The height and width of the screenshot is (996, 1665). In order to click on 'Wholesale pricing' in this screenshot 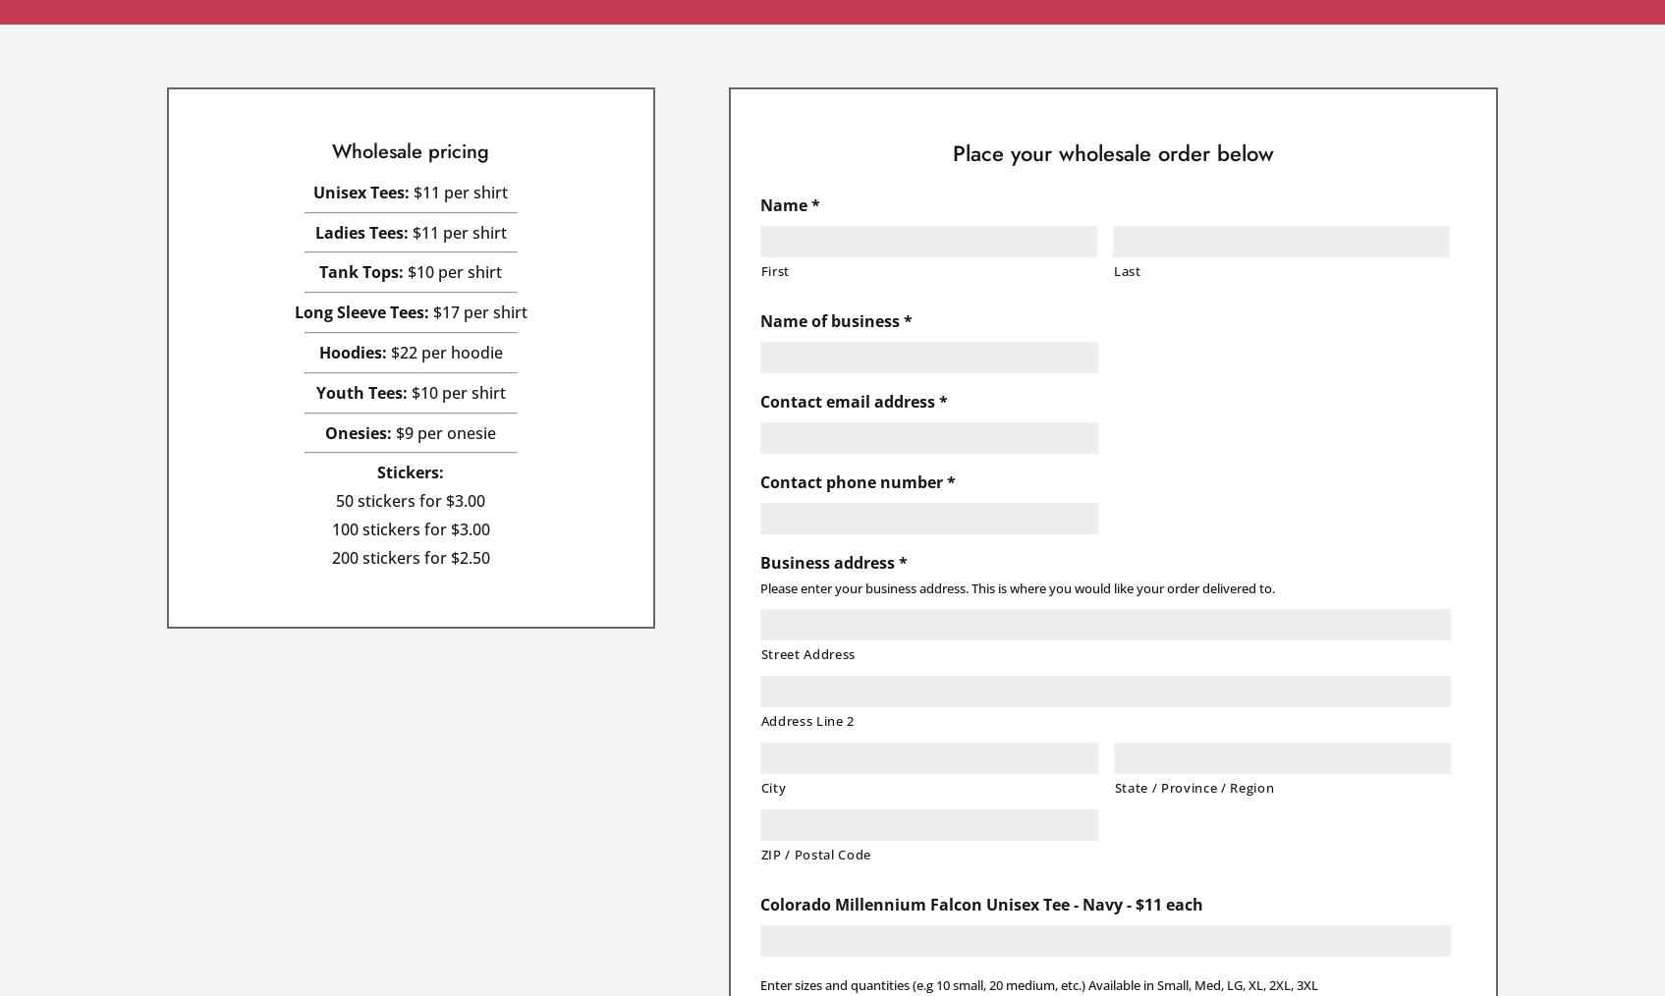, I will do `click(330, 150)`.